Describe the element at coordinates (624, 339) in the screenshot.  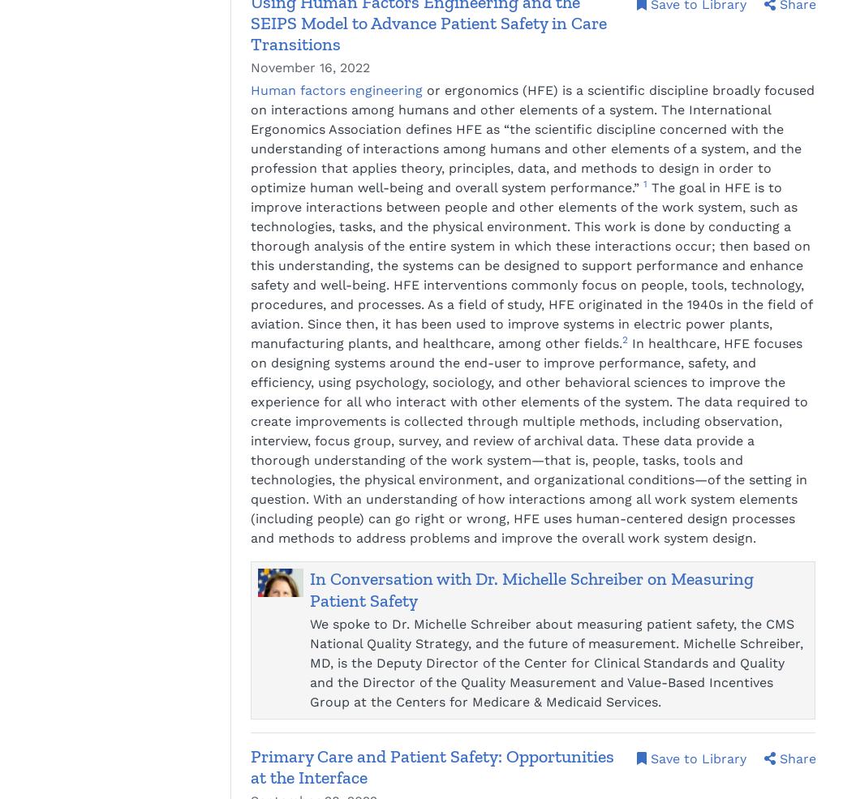
I see `'2'` at that location.